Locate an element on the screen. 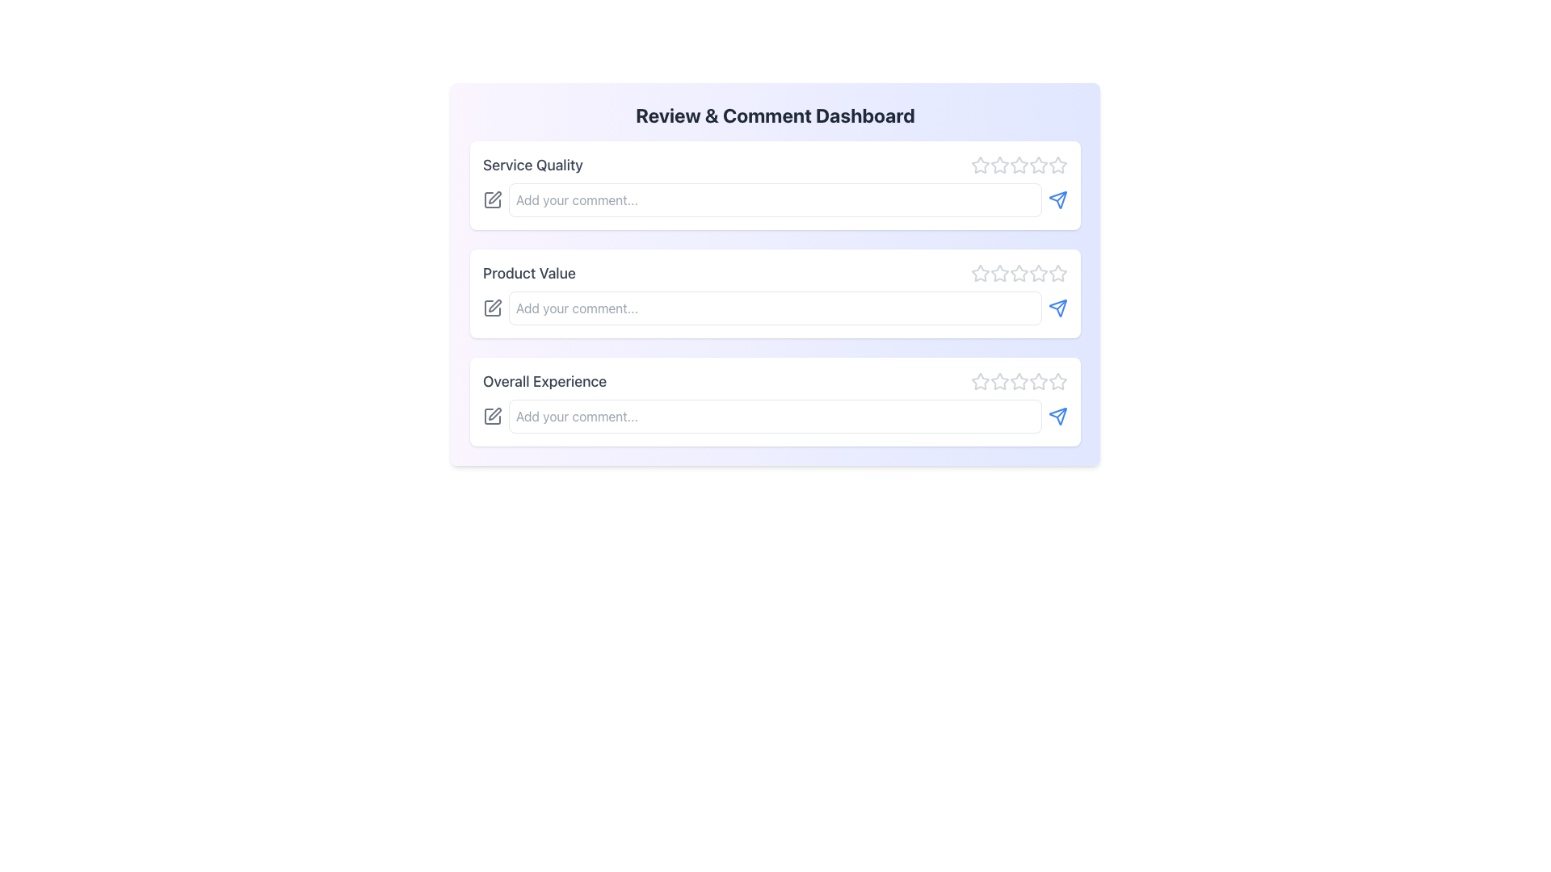 The width and height of the screenshot is (1551, 872). text in the text input field for 'Product Value' by dragging the mouse from the center point is located at coordinates (775, 308).